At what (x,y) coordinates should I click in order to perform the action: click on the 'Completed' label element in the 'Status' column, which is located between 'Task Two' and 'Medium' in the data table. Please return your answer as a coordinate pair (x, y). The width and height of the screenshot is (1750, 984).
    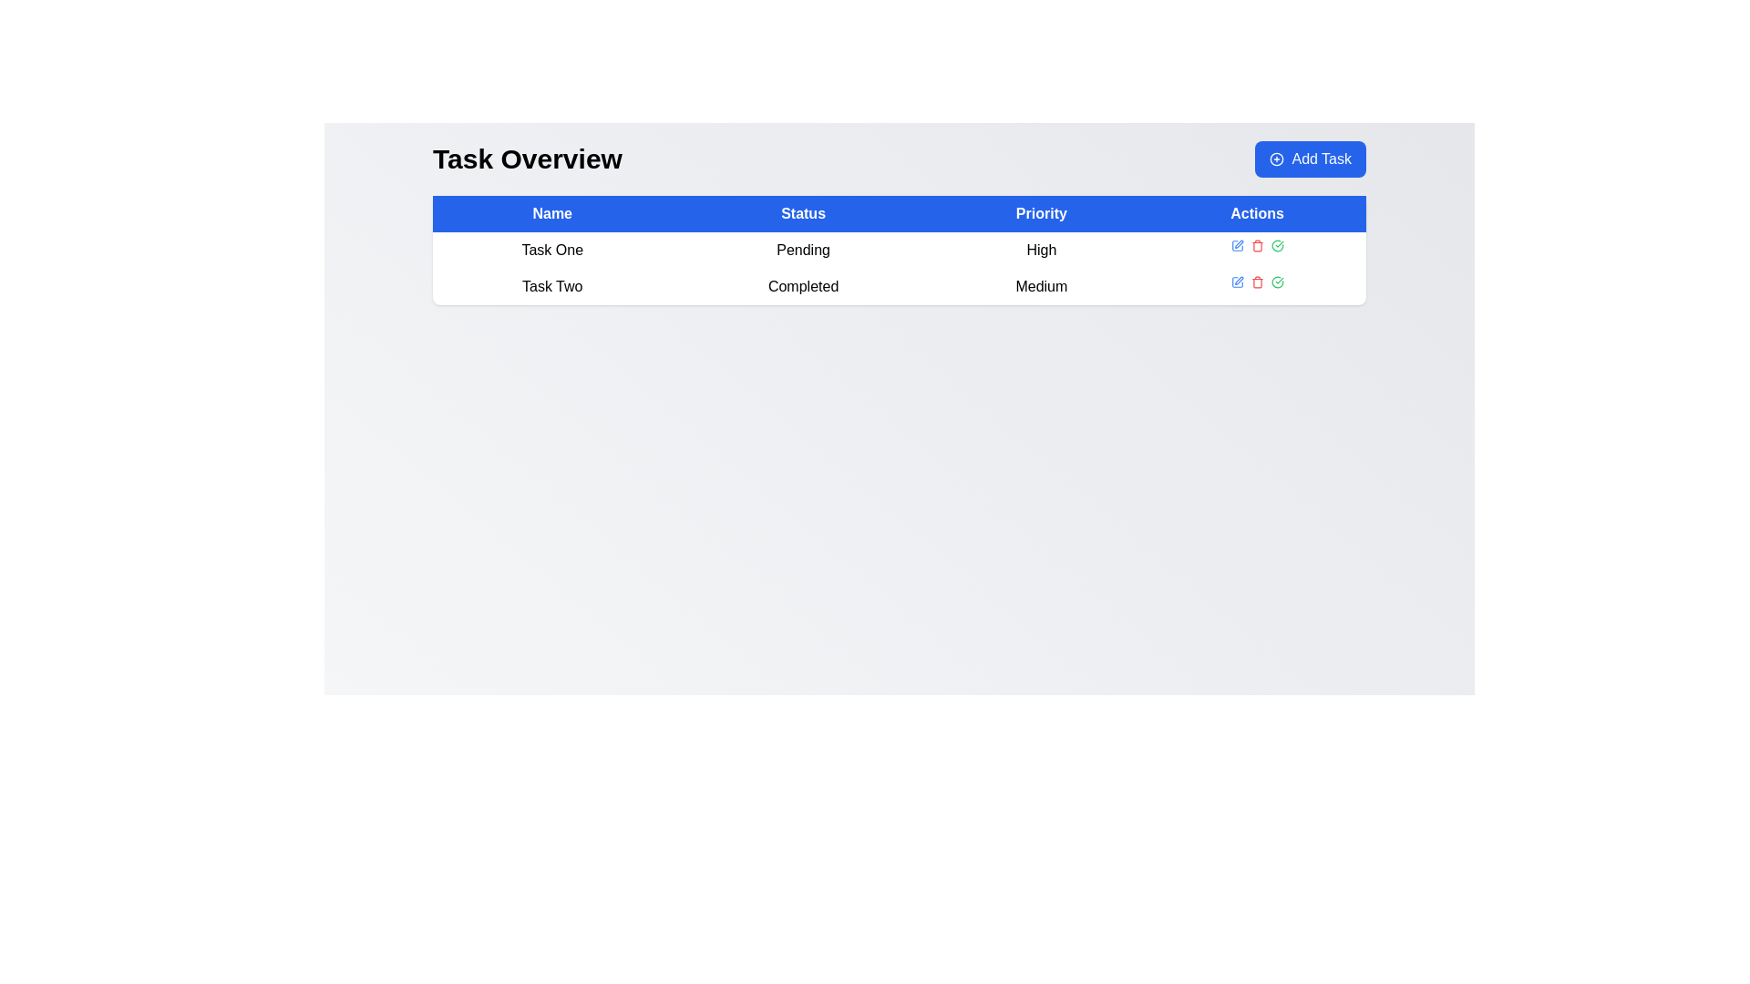
    Looking at the image, I should click on (802, 287).